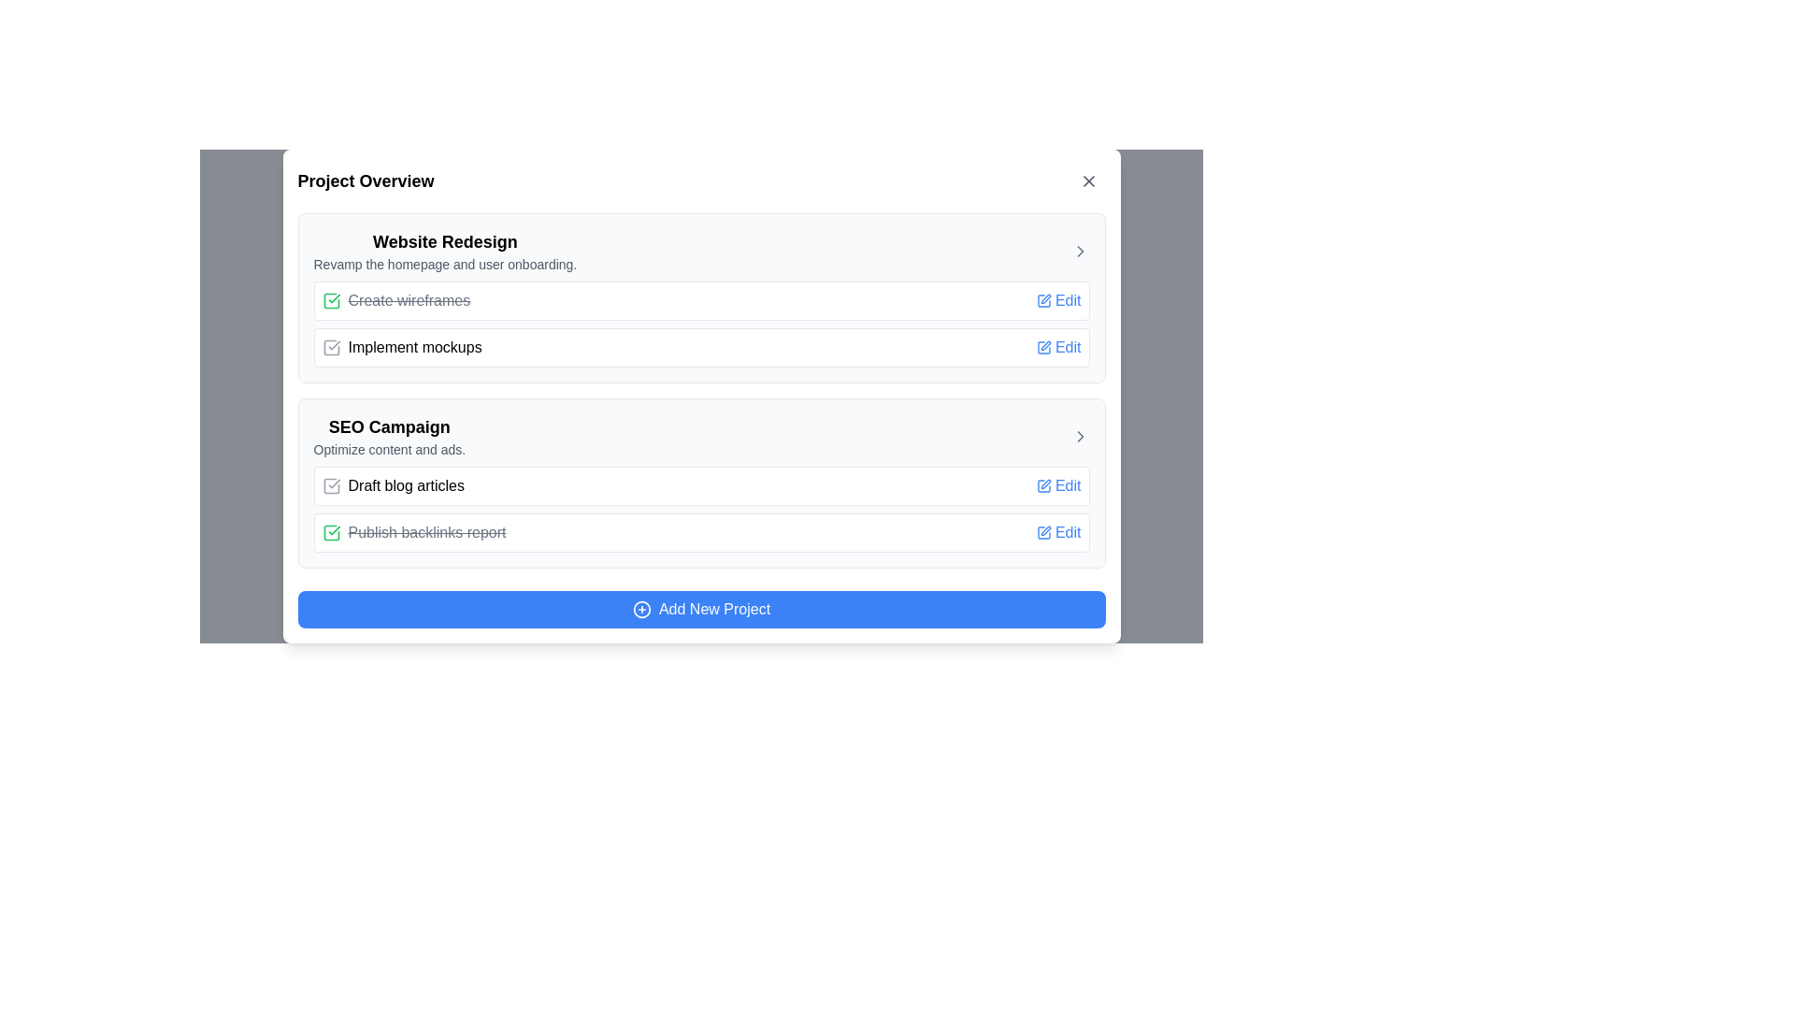 The image size is (1795, 1010). What do you see at coordinates (331, 533) in the screenshot?
I see `the checkbox located in the 'SEO Campaign' section next to the text 'Publish backlinks report'` at bounding box center [331, 533].